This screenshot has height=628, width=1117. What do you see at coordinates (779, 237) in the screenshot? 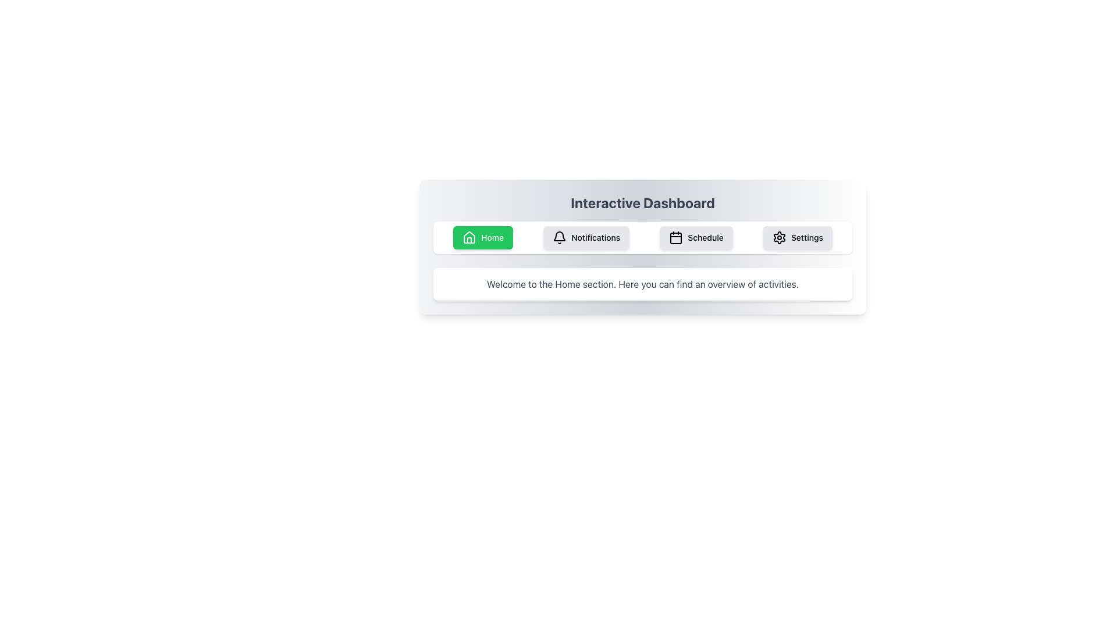
I see `the settings icon located in the fourth button from the left in the horizontal navigation bar` at bounding box center [779, 237].